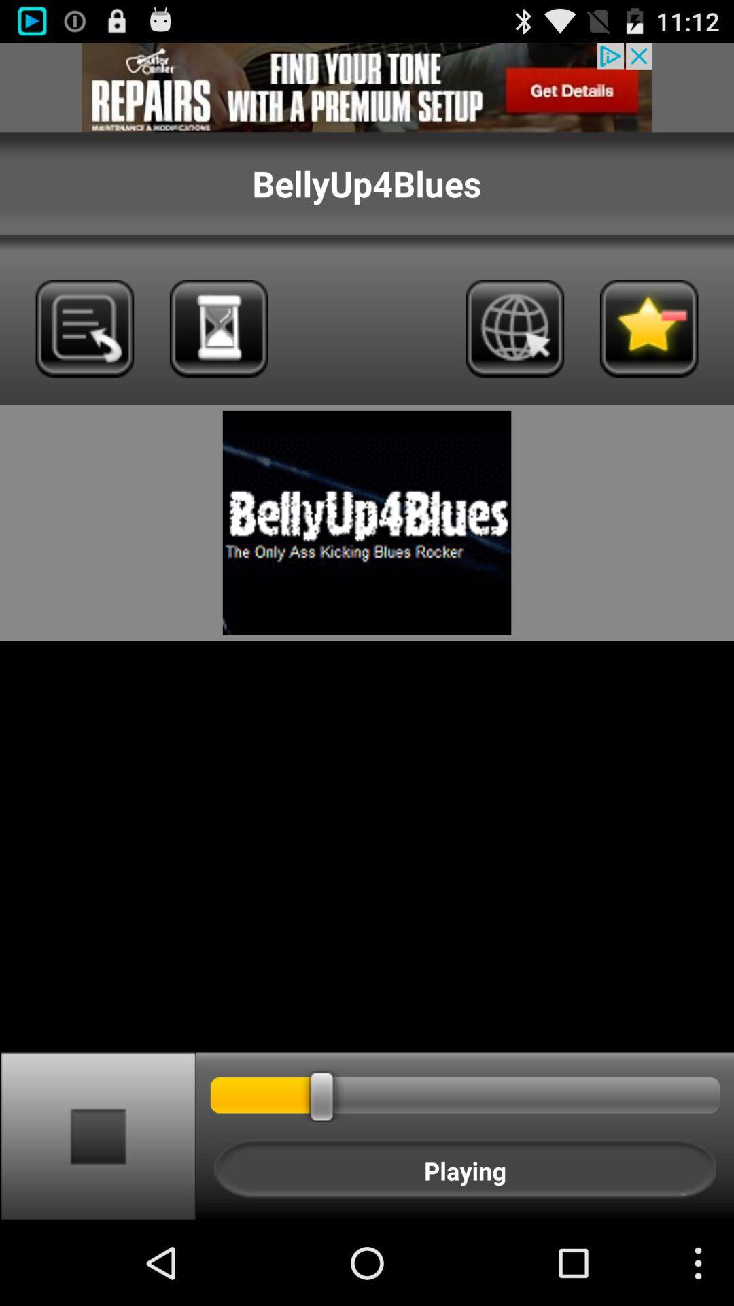 The image size is (734, 1306). Describe the element at coordinates (367, 86) in the screenshot. I see `click advertisement` at that location.